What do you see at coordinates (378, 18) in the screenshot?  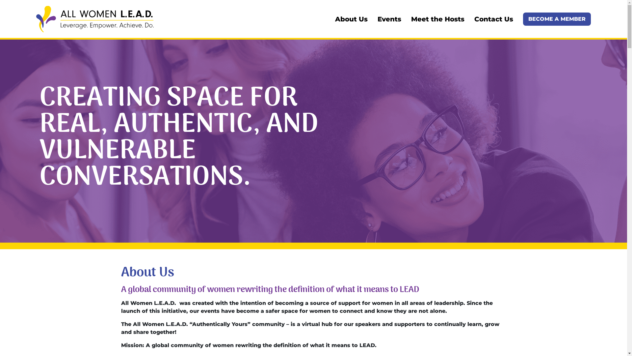 I see `'Events'` at bounding box center [378, 18].